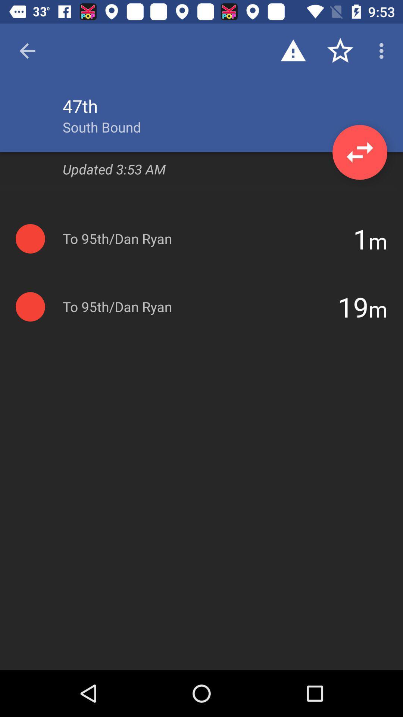  Describe the element at coordinates (359, 152) in the screenshot. I see `travel direction` at that location.